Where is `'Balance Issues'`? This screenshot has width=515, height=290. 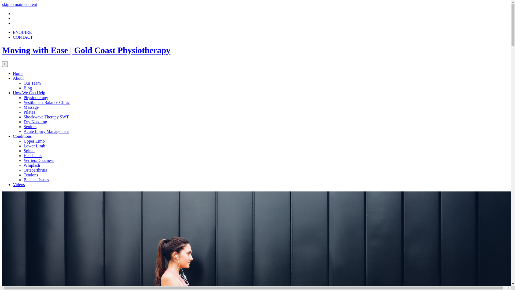 'Balance Issues' is located at coordinates (23, 180).